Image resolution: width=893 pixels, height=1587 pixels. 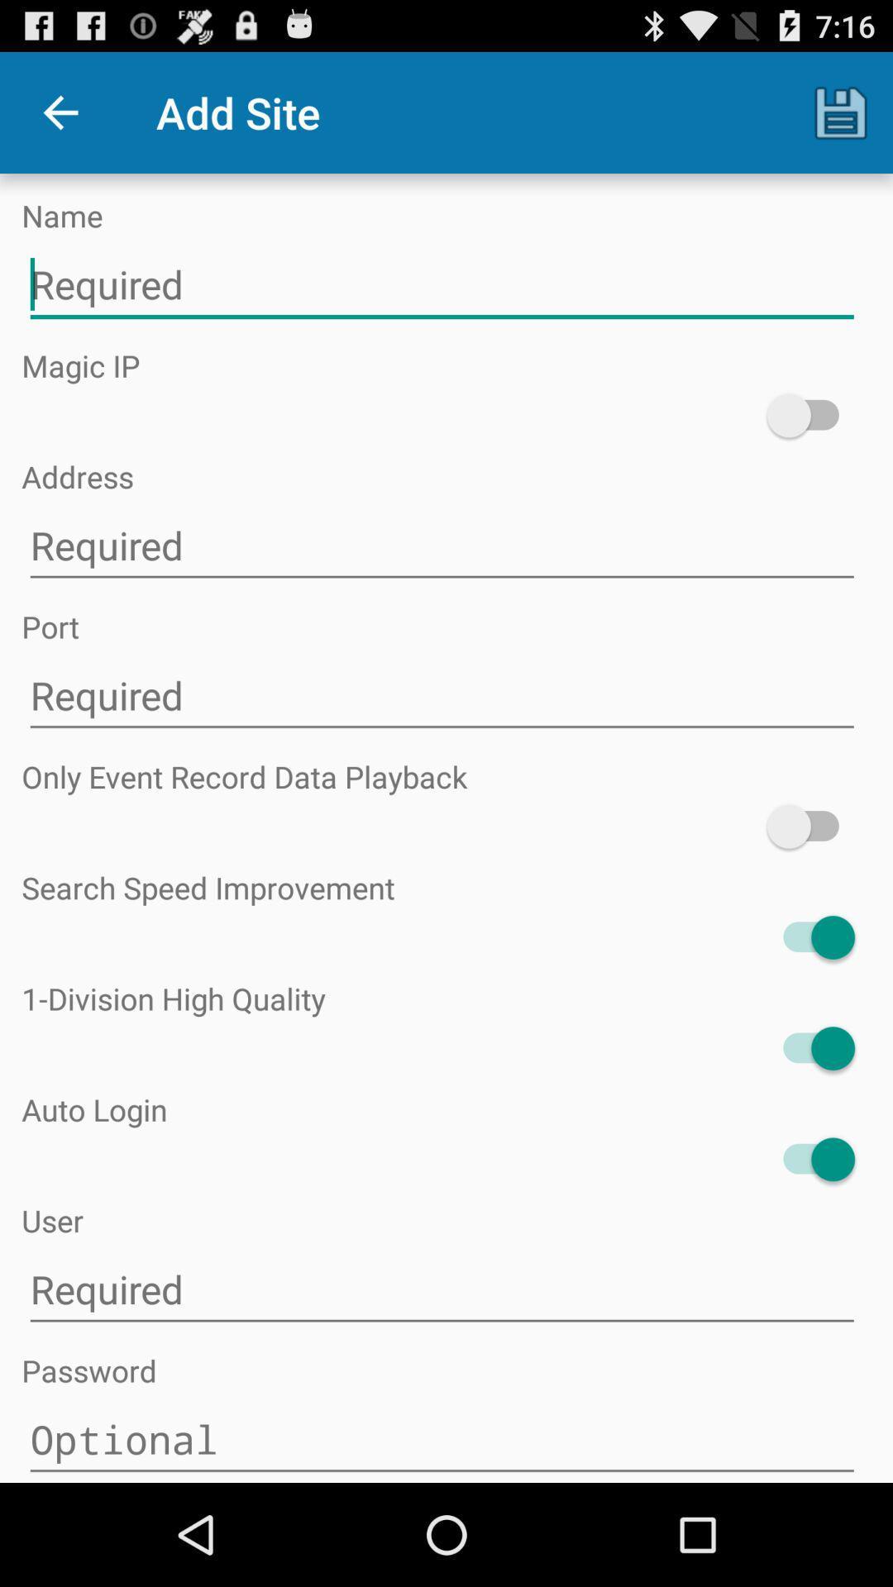 I want to click on 1-division high quality, so click(x=809, y=1047).